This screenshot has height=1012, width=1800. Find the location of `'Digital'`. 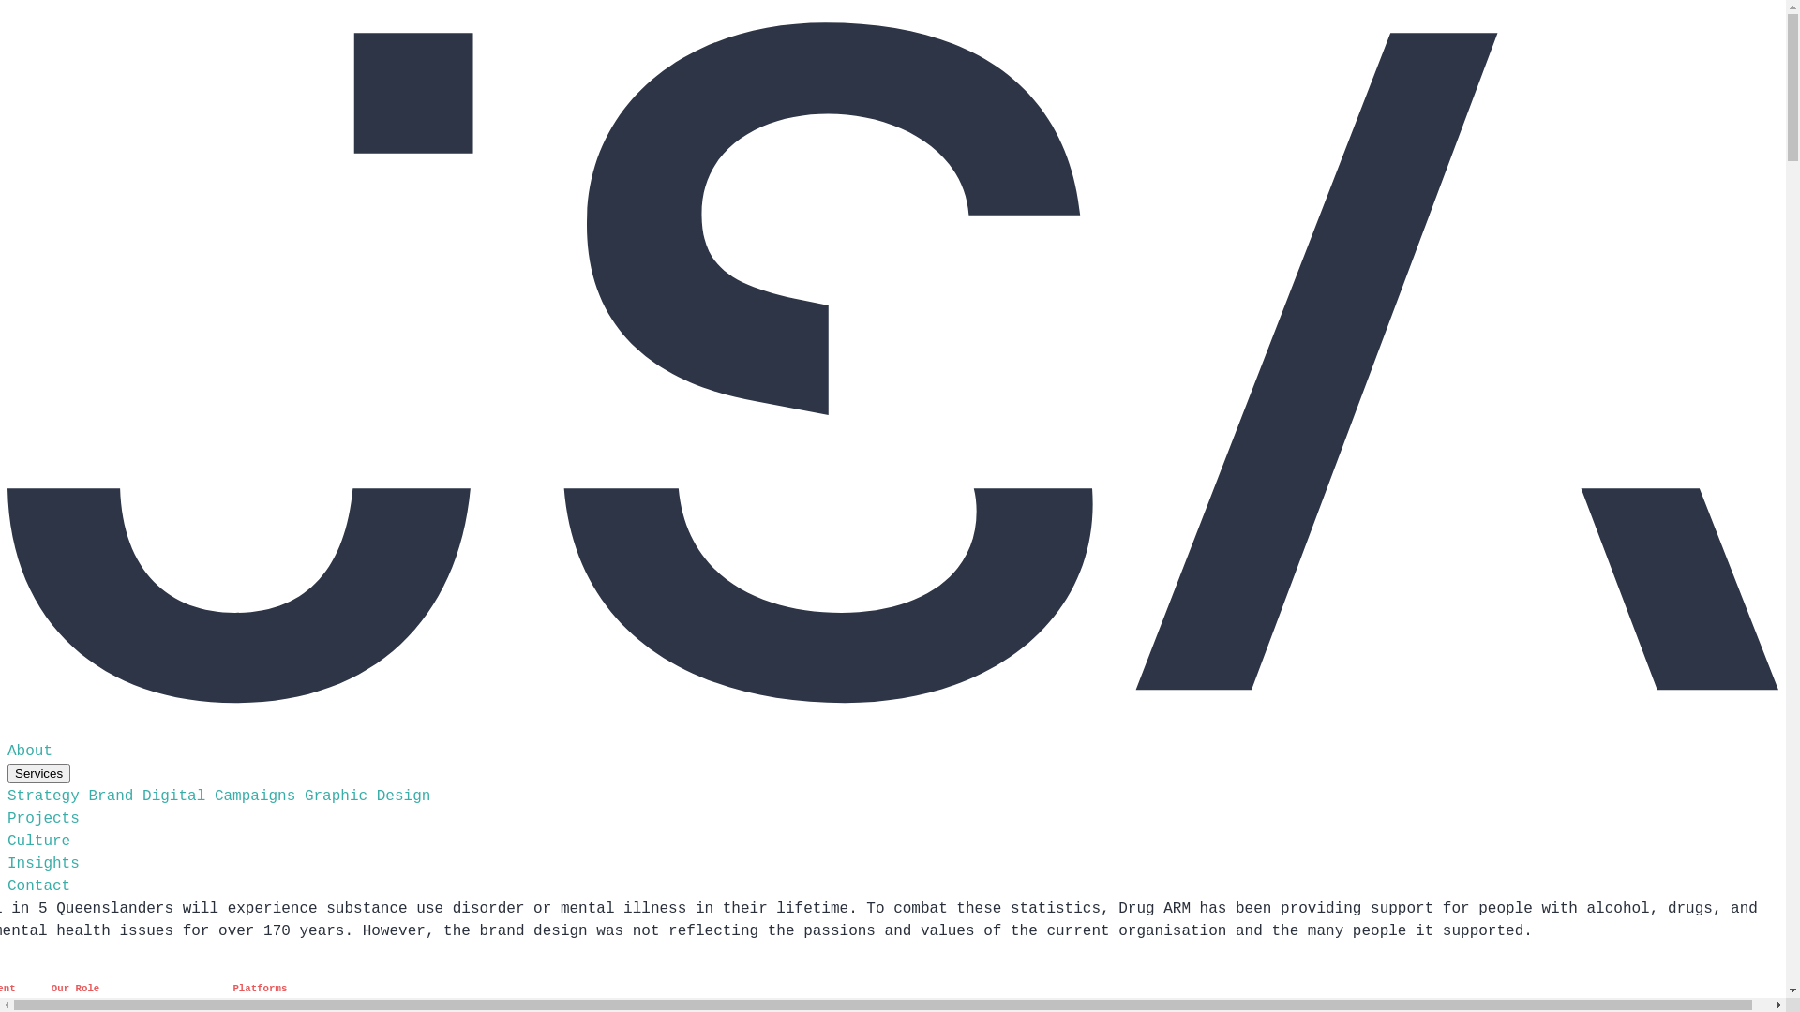

'Digital' is located at coordinates (173, 796).